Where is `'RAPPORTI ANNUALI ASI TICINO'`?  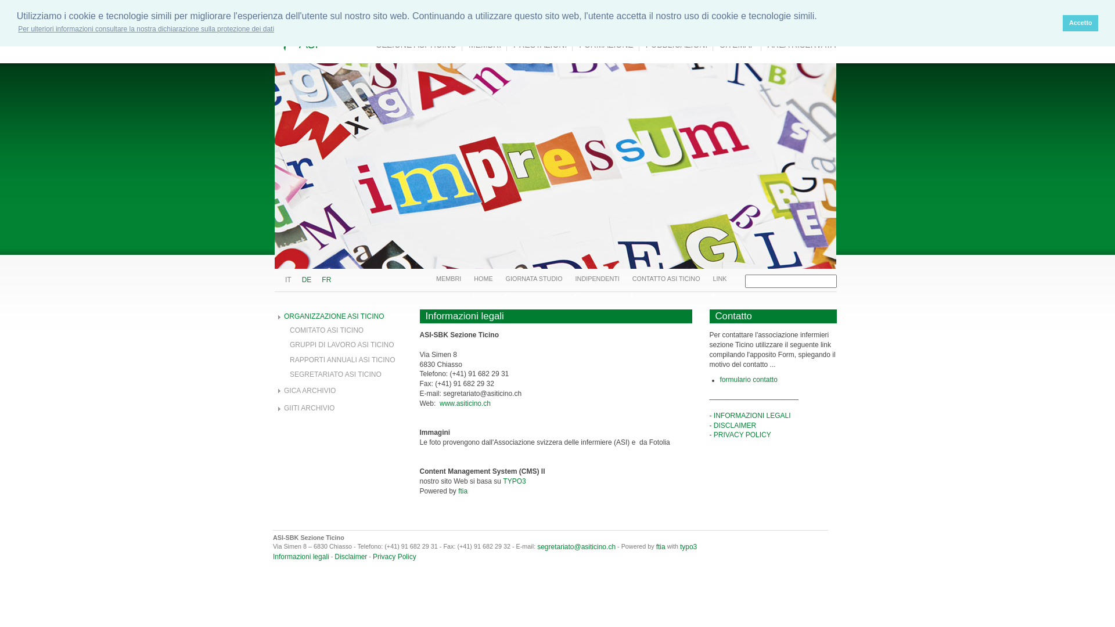 'RAPPORTI ANNUALI ASI TICINO' is located at coordinates (342, 359).